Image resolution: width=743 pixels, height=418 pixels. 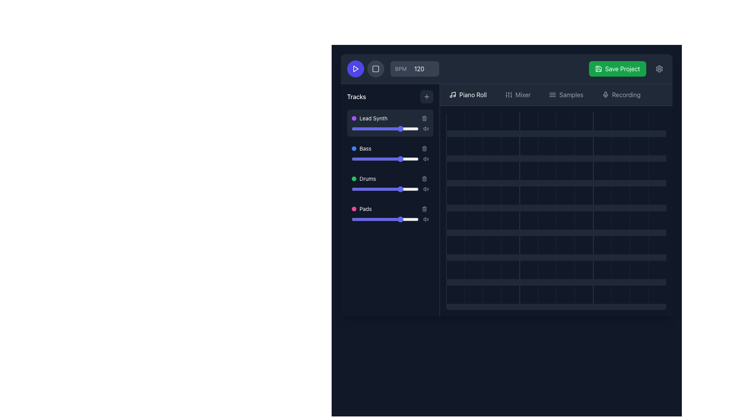 What do you see at coordinates (491, 146) in the screenshot?
I see `the square-shaped grid cell located in the third column of the second row with a dark background color within the main interactive panel` at bounding box center [491, 146].